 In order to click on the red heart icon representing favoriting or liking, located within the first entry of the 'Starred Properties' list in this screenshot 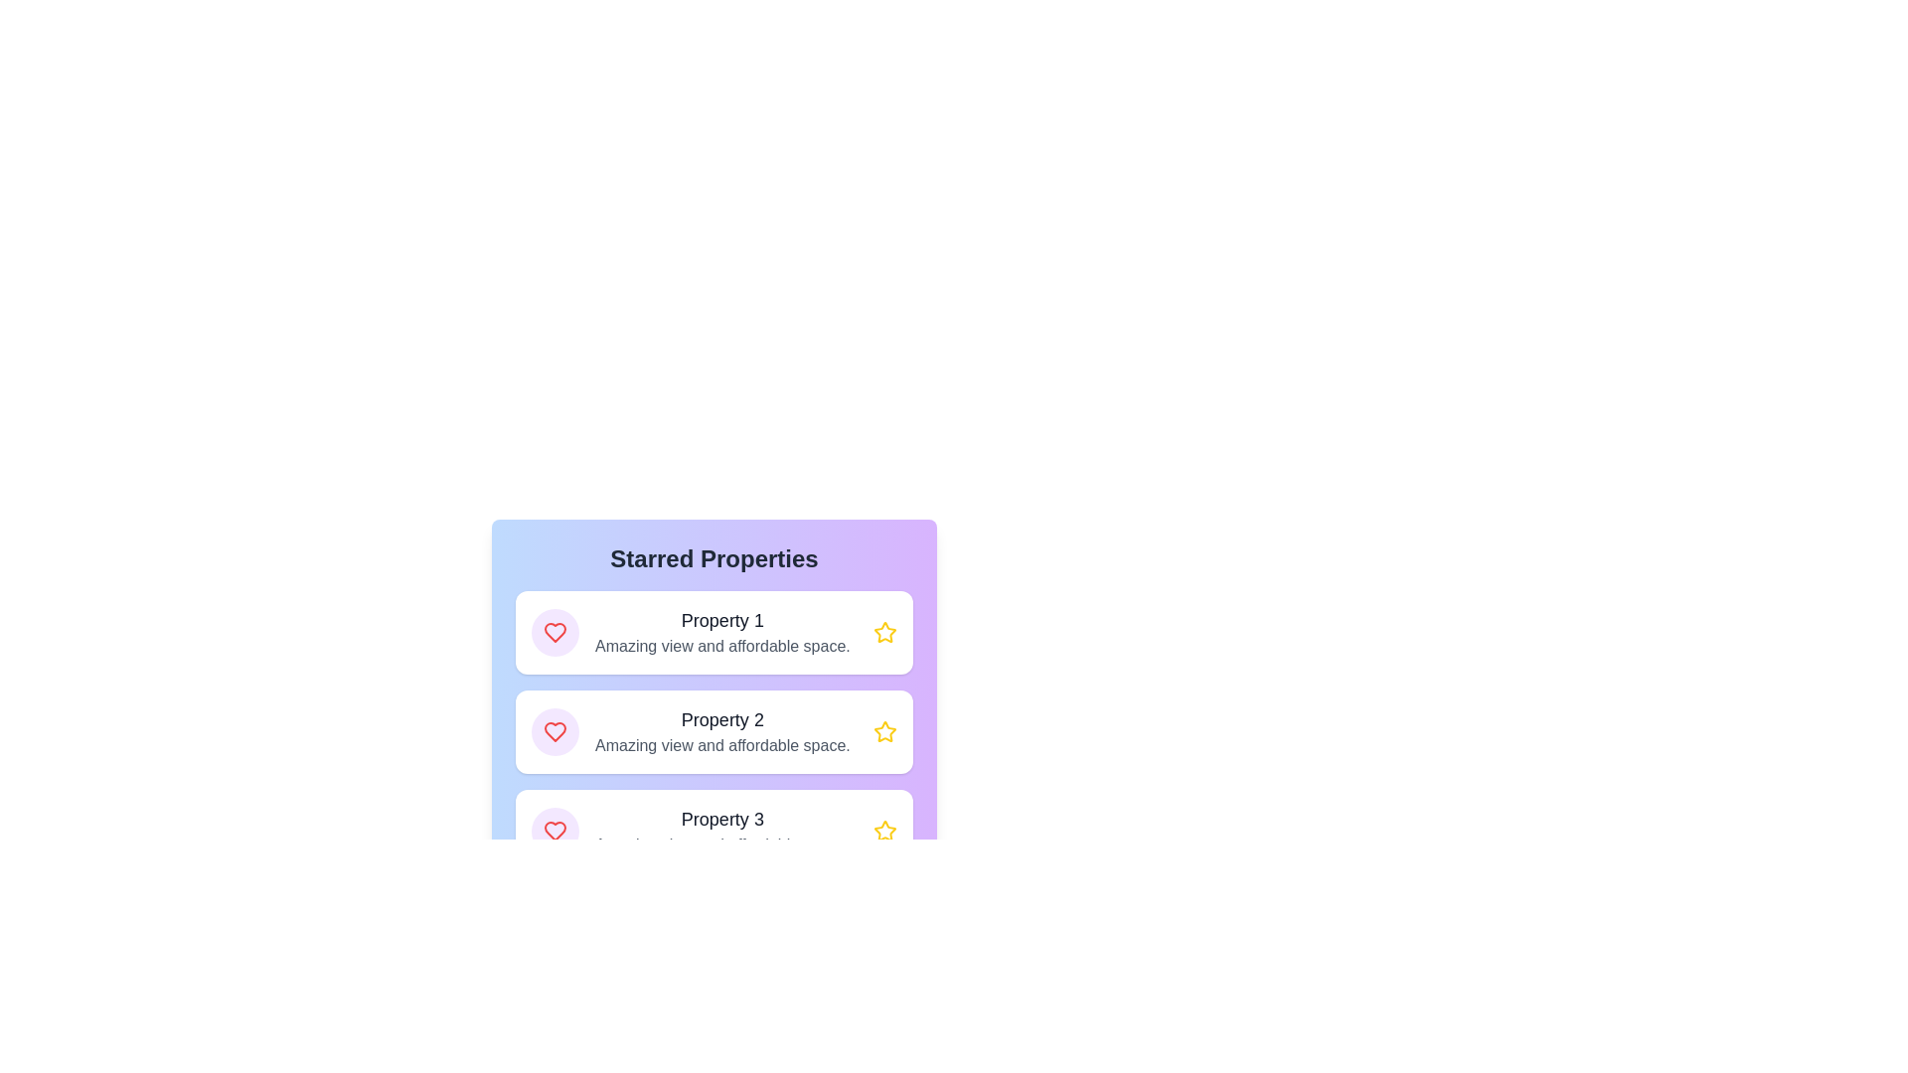, I will do `click(555, 731)`.